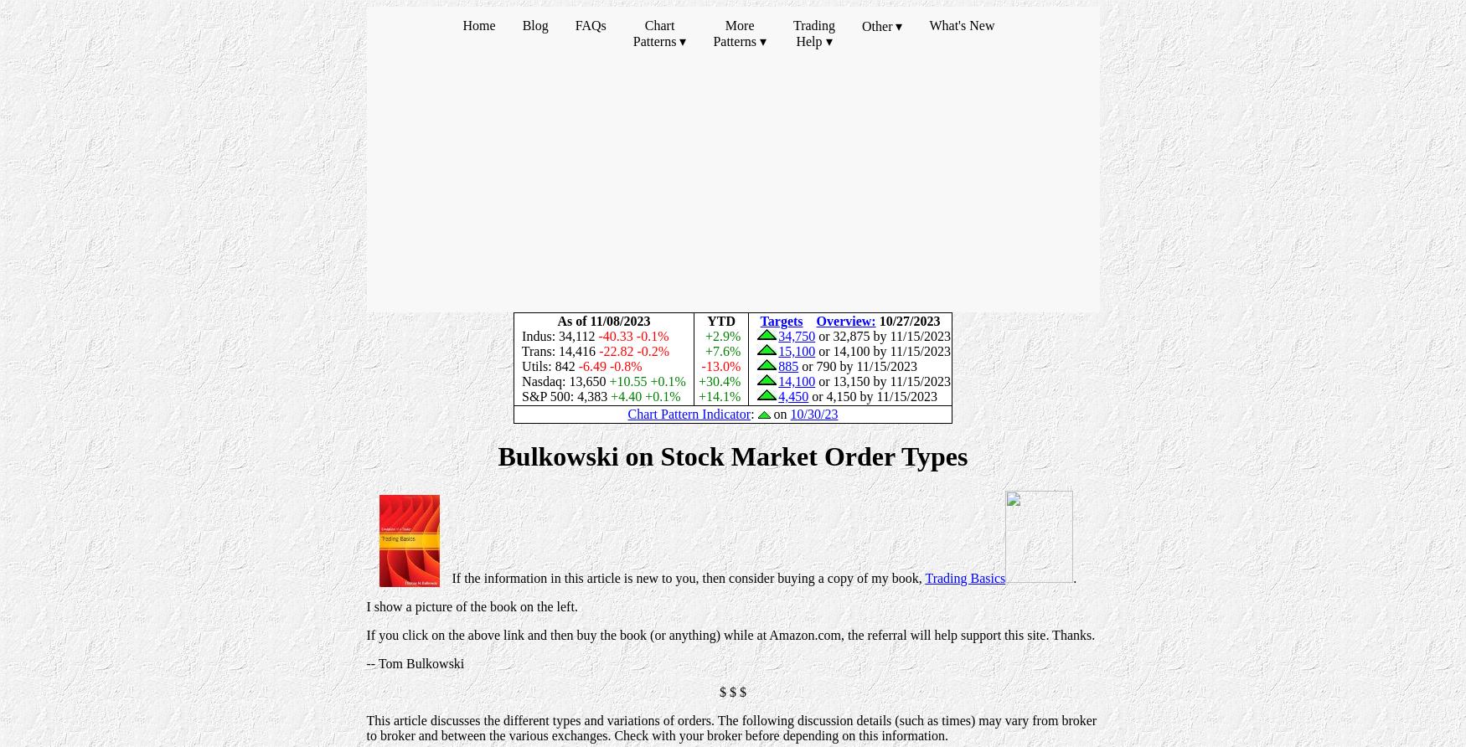 Image resolution: width=1466 pixels, height=747 pixels. Describe the element at coordinates (720, 381) in the screenshot. I see `'+30.4%'` at that location.